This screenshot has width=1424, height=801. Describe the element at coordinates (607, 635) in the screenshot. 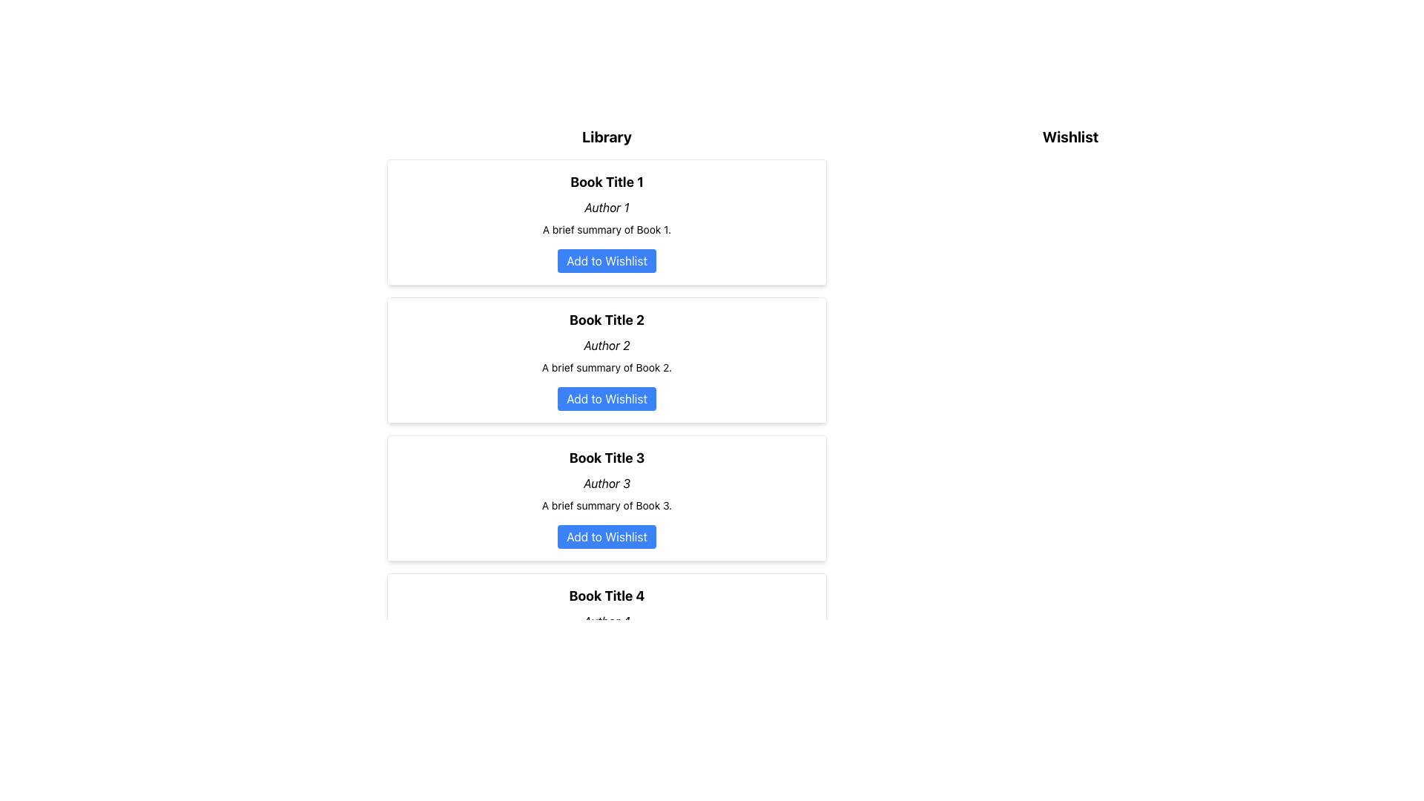

I see `the button on the fourth book card in the library interface that allows users` at that location.